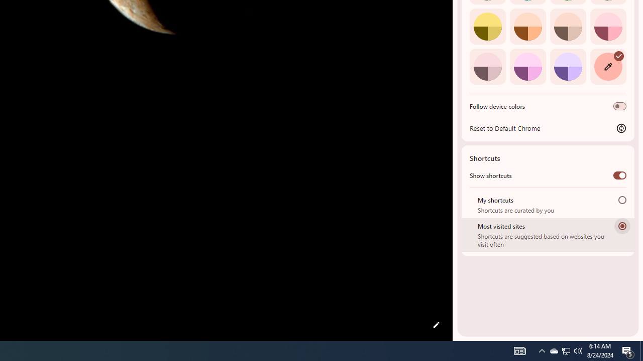 Image resolution: width=643 pixels, height=361 pixels. I want to click on 'Show shortcuts', so click(619, 174).